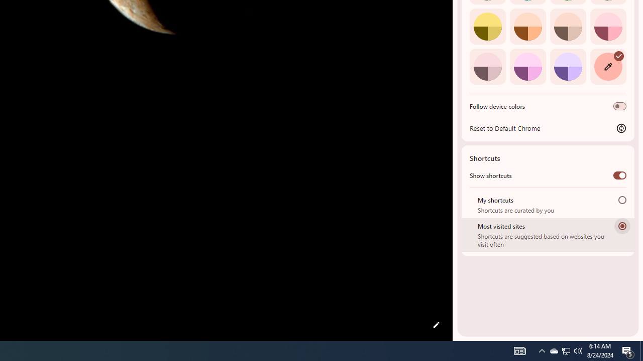 Image resolution: width=643 pixels, height=361 pixels. I want to click on 'Show shortcuts', so click(619, 174).